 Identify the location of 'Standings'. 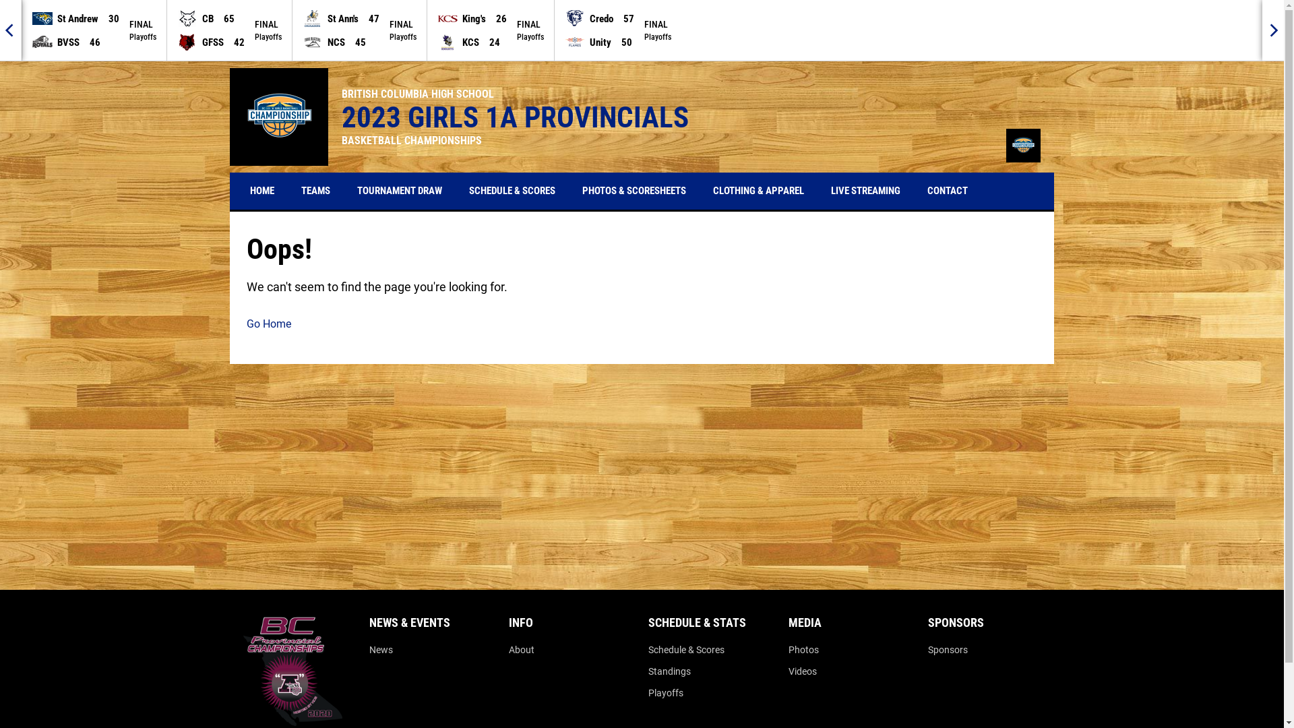
(669, 671).